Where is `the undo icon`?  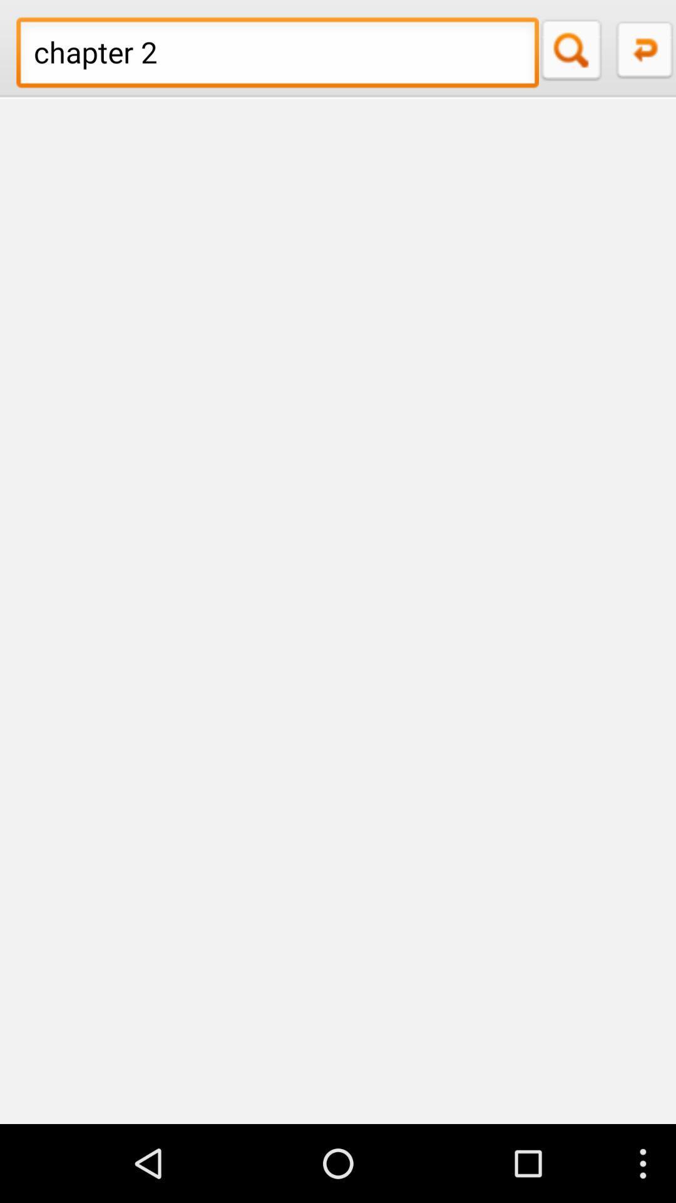 the undo icon is located at coordinates (643, 52).